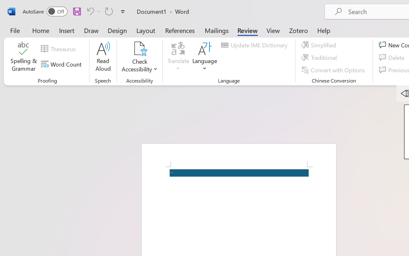  Describe the element at coordinates (103, 57) in the screenshot. I see `'Read Aloud'` at that location.